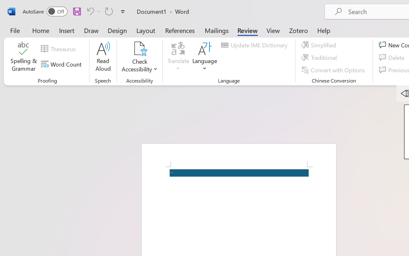  Describe the element at coordinates (103, 57) in the screenshot. I see `'Read Aloud'` at that location.